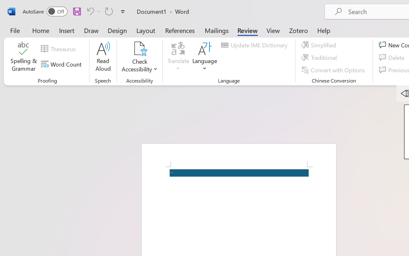  Describe the element at coordinates (103, 57) in the screenshot. I see `'Read Aloud'` at that location.